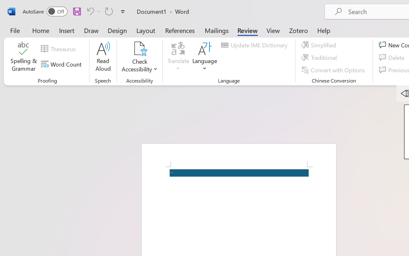  Describe the element at coordinates (103, 57) in the screenshot. I see `'Read Aloud'` at that location.